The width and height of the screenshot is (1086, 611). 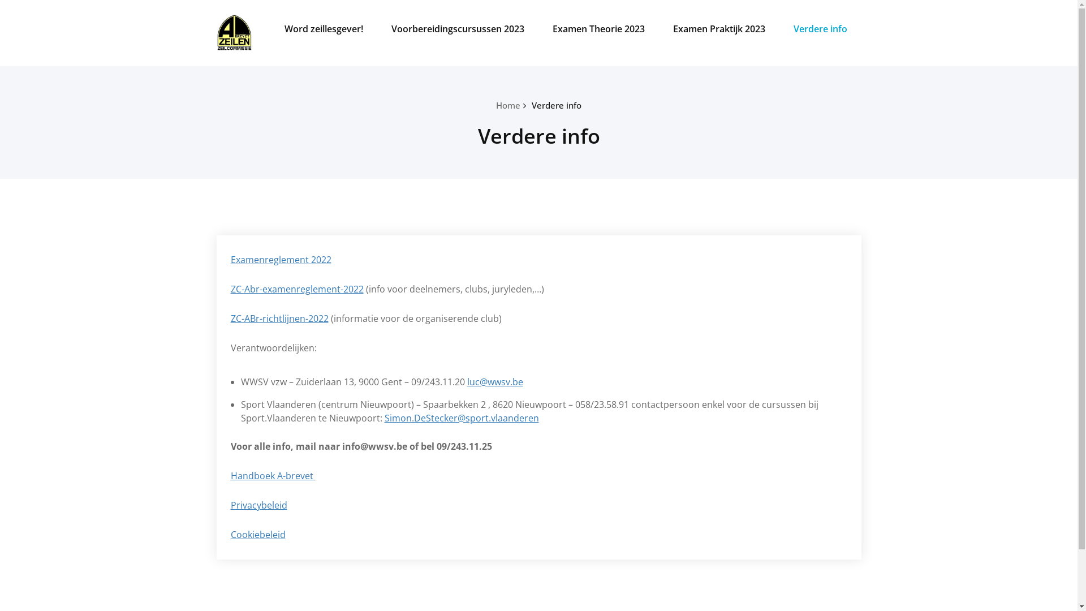 I want to click on 'Examenreglement 2022', so click(x=230, y=260).